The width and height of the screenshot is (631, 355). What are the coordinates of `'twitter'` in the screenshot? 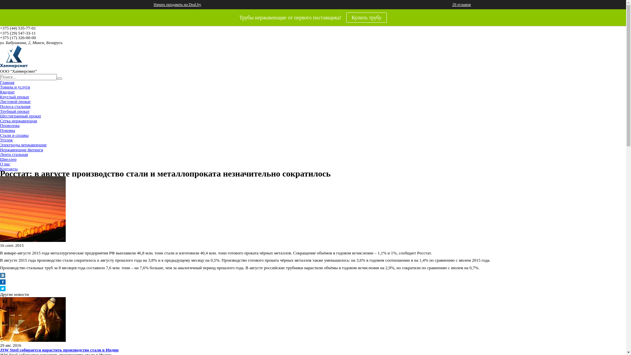 It's located at (3, 289).